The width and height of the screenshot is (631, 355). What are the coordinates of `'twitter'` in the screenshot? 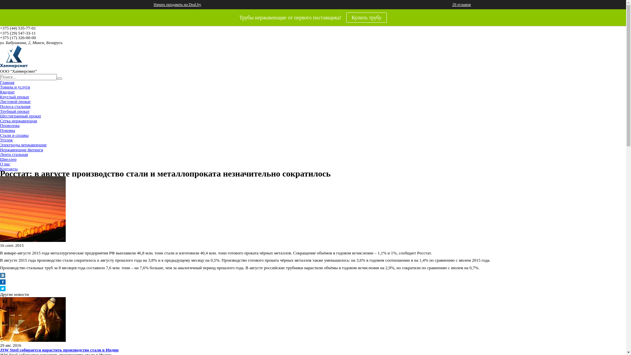 It's located at (3, 289).